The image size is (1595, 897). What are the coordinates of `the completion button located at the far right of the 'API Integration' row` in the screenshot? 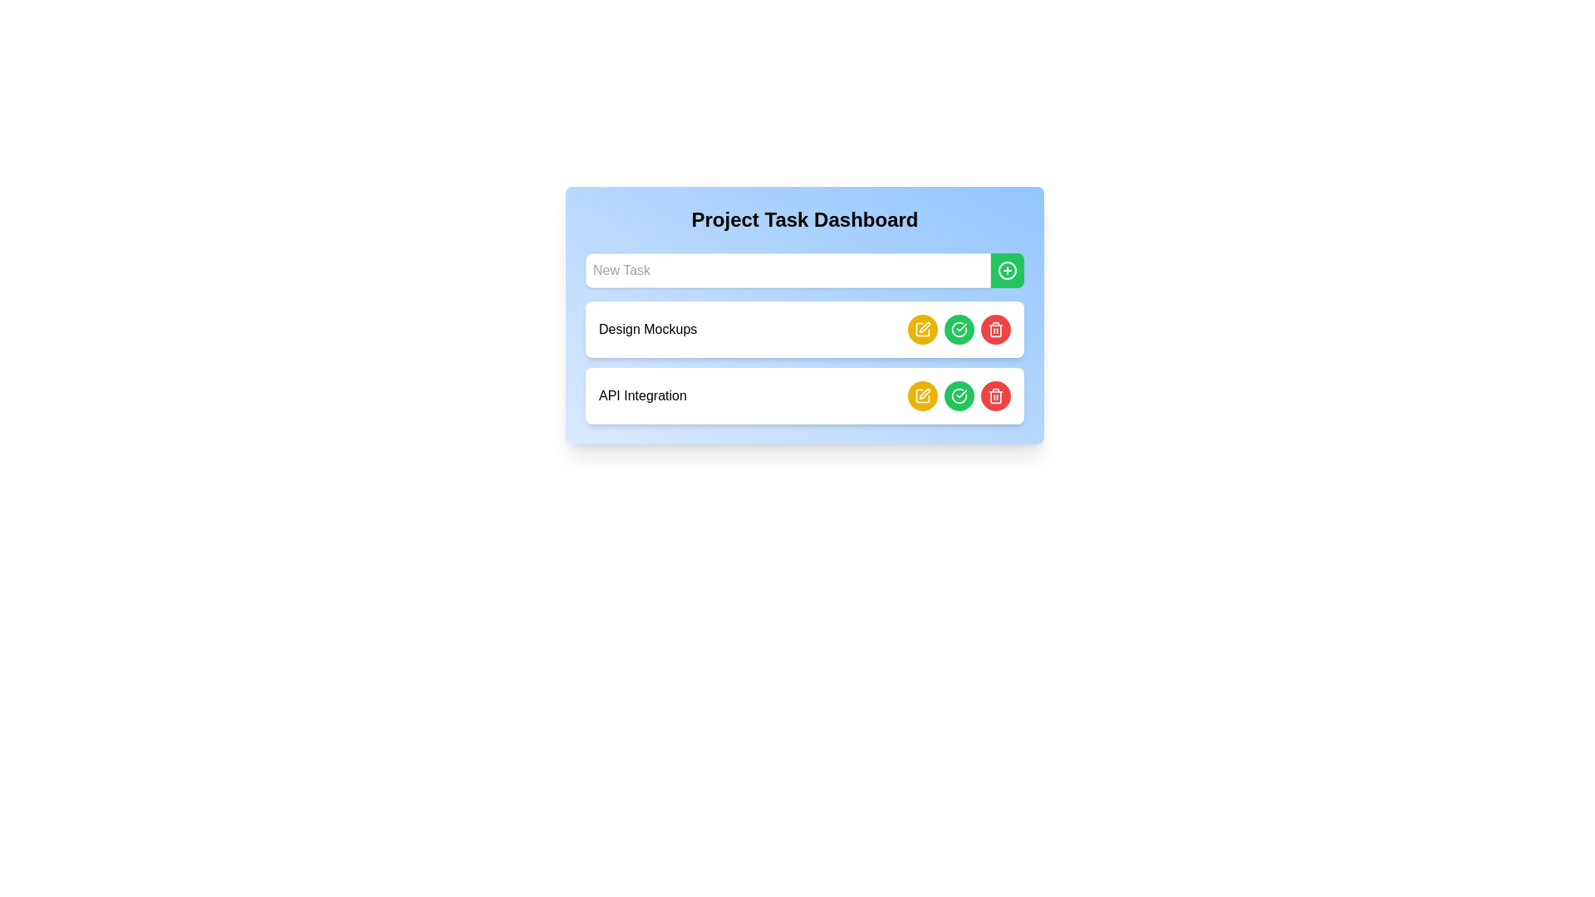 It's located at (959, 396).